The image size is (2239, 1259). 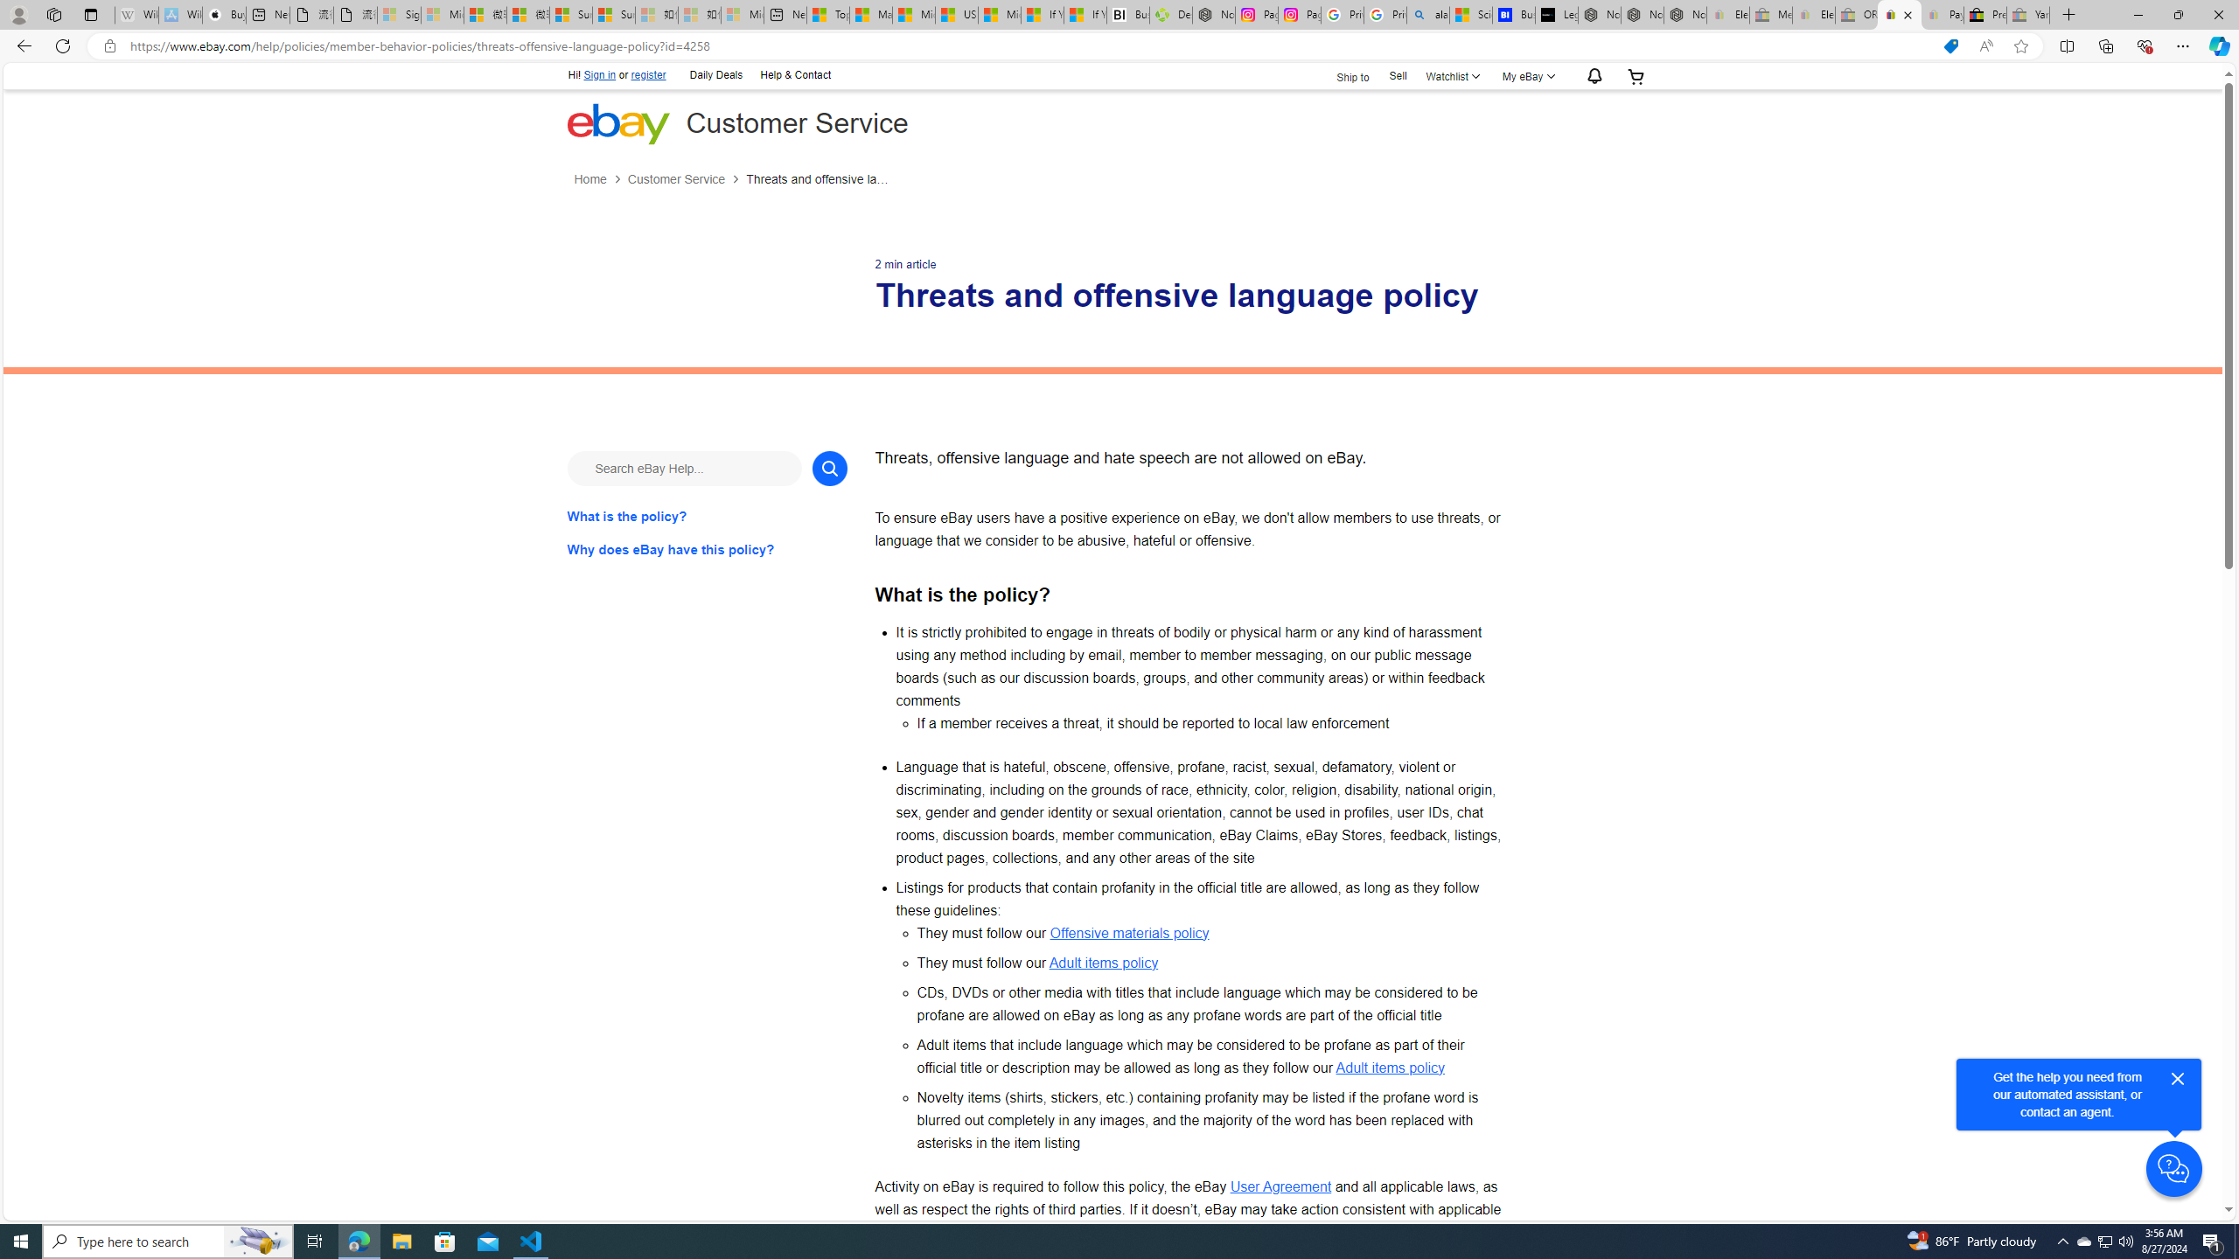 What do you see at coordinates (1985, 14) in the screenshot?
I see `'Press Room - eBay Inc.'` at bounding box center [1985, 14].